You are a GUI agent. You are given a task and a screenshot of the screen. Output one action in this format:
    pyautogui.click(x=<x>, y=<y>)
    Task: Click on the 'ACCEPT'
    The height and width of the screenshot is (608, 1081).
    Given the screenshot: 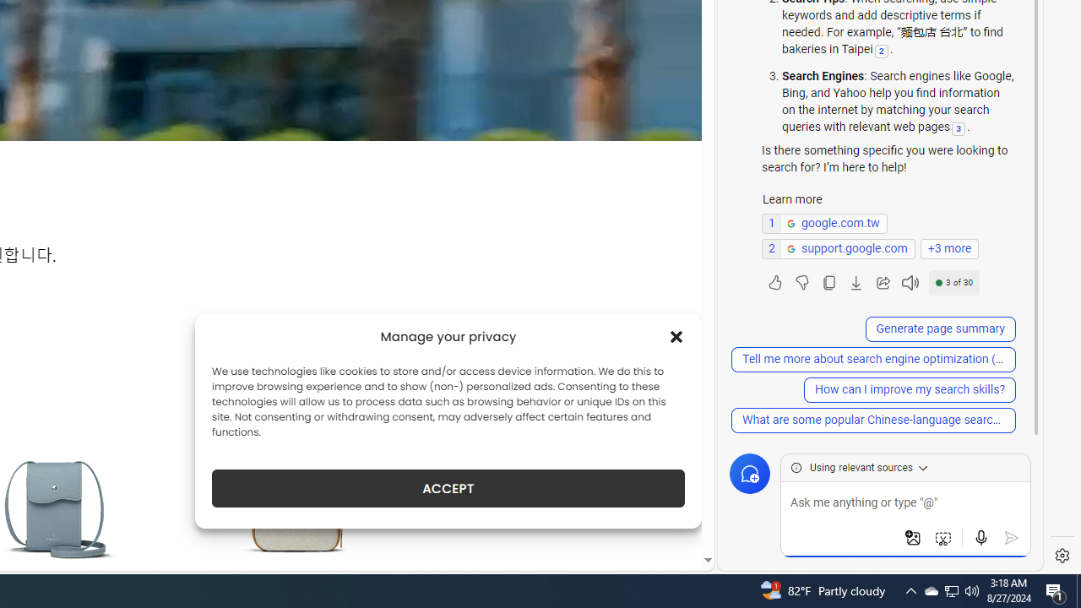 What is the action you would take?
    pyautogui.click(x=448, y=488)
    